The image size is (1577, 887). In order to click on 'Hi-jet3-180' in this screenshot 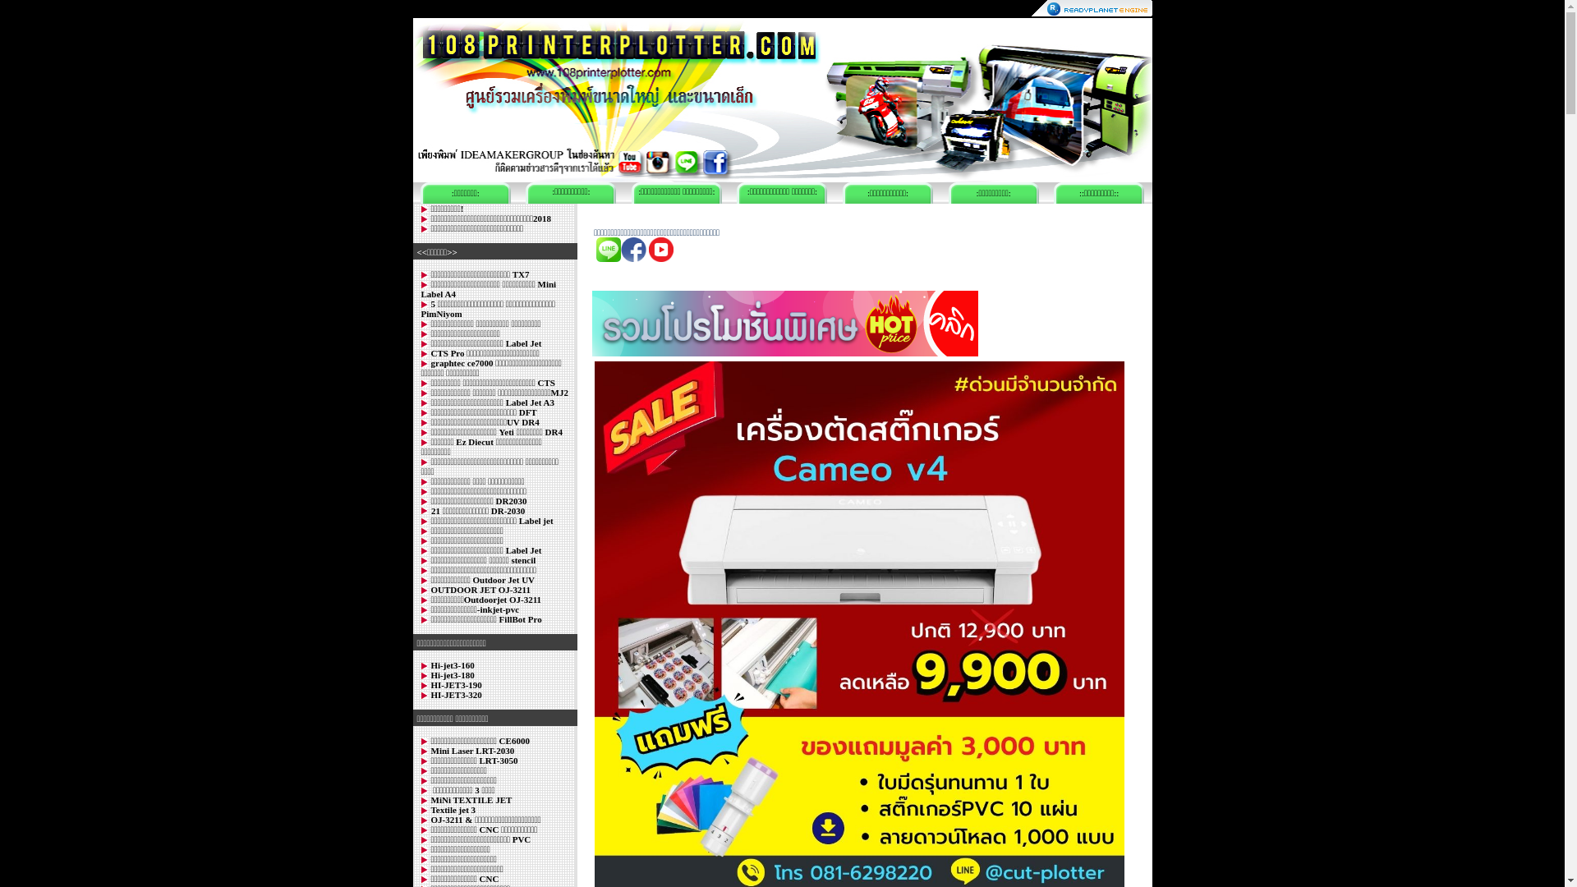, I will do `click(452, 674)`.